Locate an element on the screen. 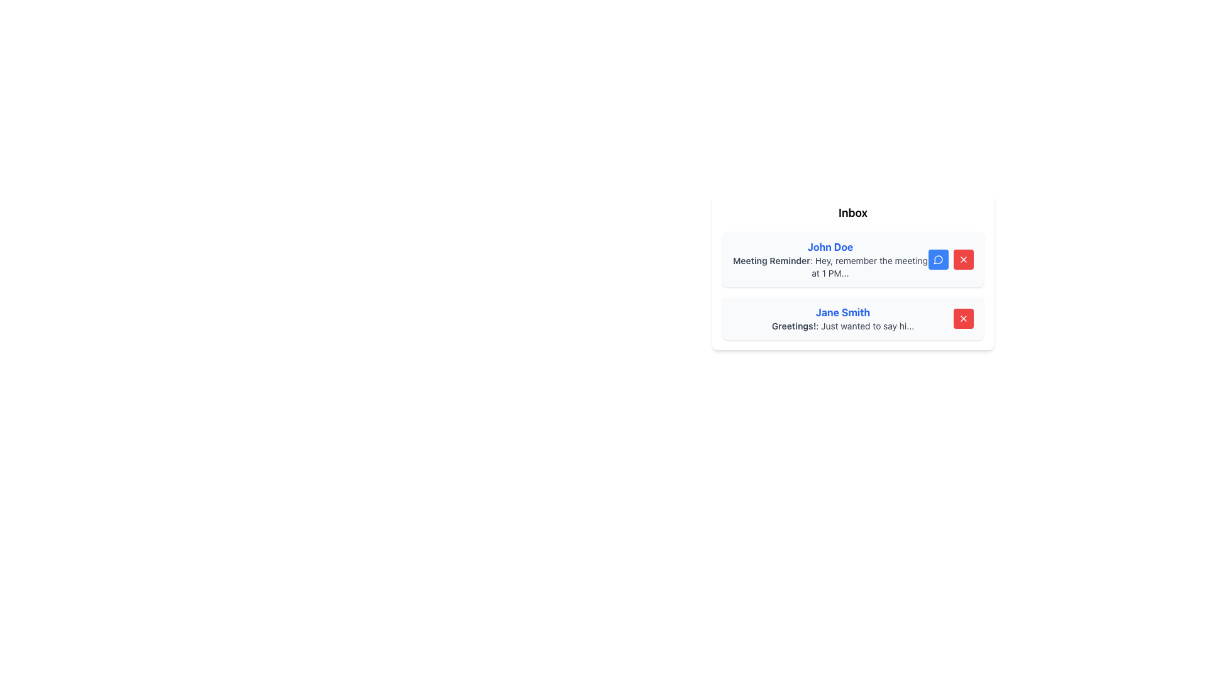 The height and width of the screenshot is (679, 1207). the Text Display element that identifies the user or sender in the messaging interface, which contains the text 'Greetings!: Just wanted to say hi...' is located at coordinates (842, 312).